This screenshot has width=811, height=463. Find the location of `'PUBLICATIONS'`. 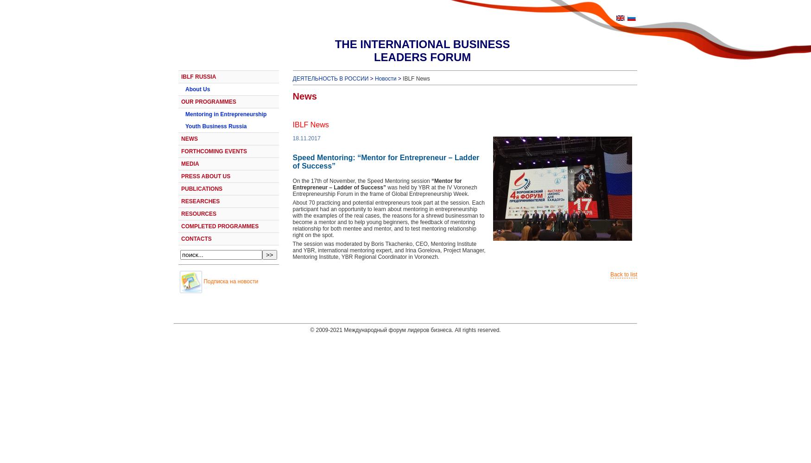

'PUBLICATIONS' is located at coordinates (201, 189).